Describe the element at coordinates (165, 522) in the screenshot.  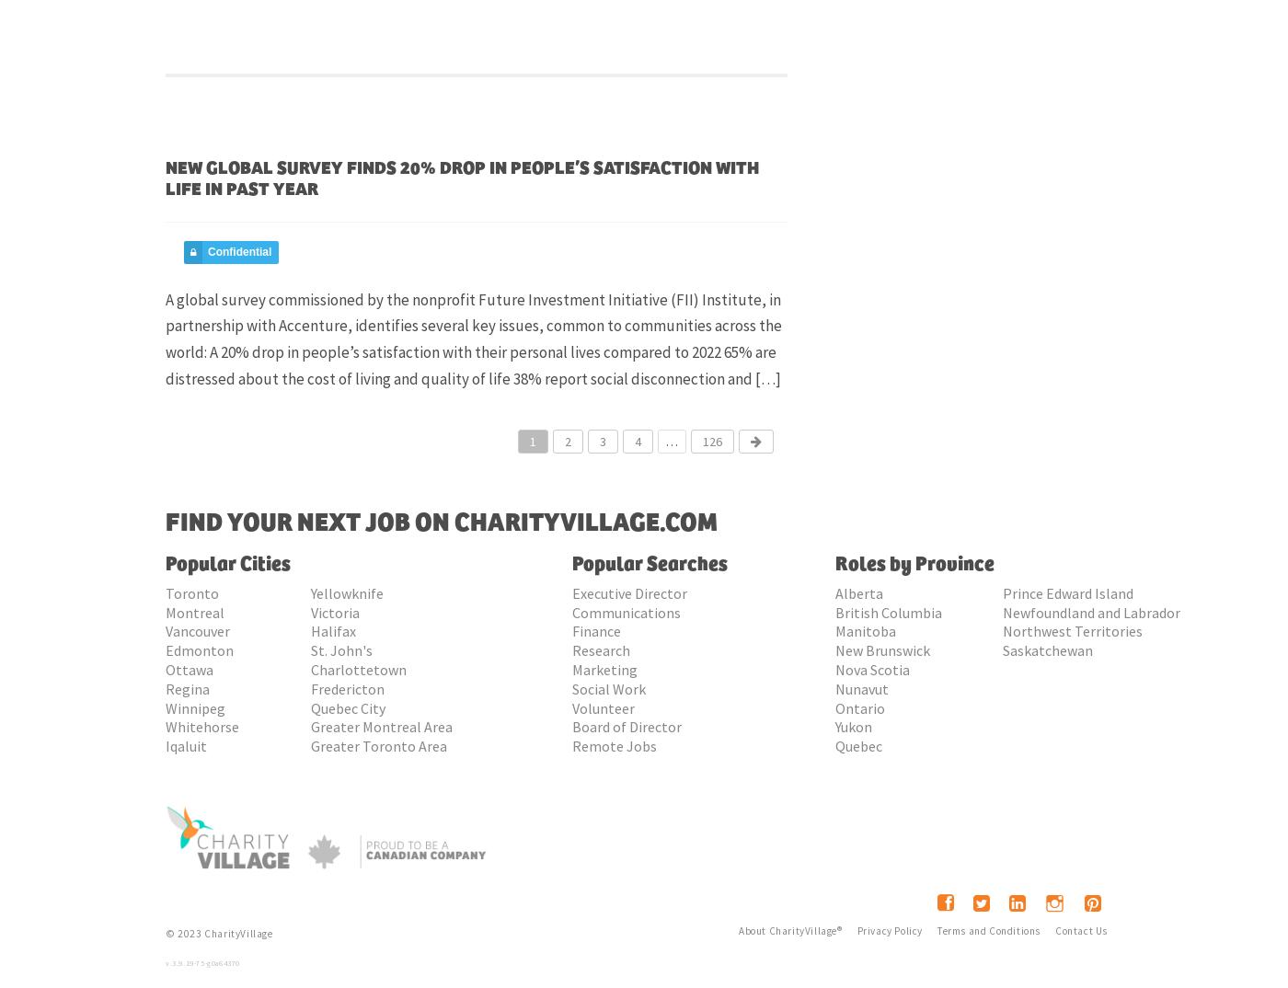
I see `'FIND YOUR NEXT JOB ON CHARITYVILLAGE.COM'` at that location.